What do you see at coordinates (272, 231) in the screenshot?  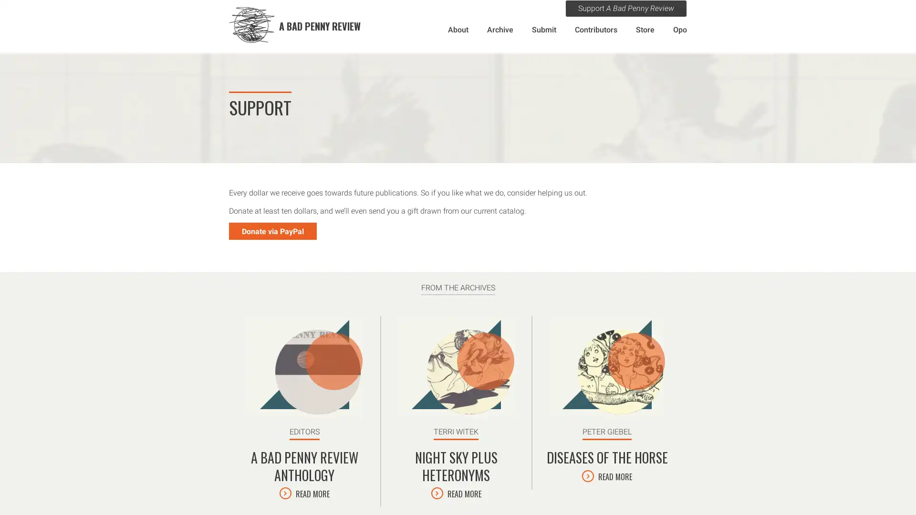 I see `Donate via PayPal` at bounding box center [272, 231].